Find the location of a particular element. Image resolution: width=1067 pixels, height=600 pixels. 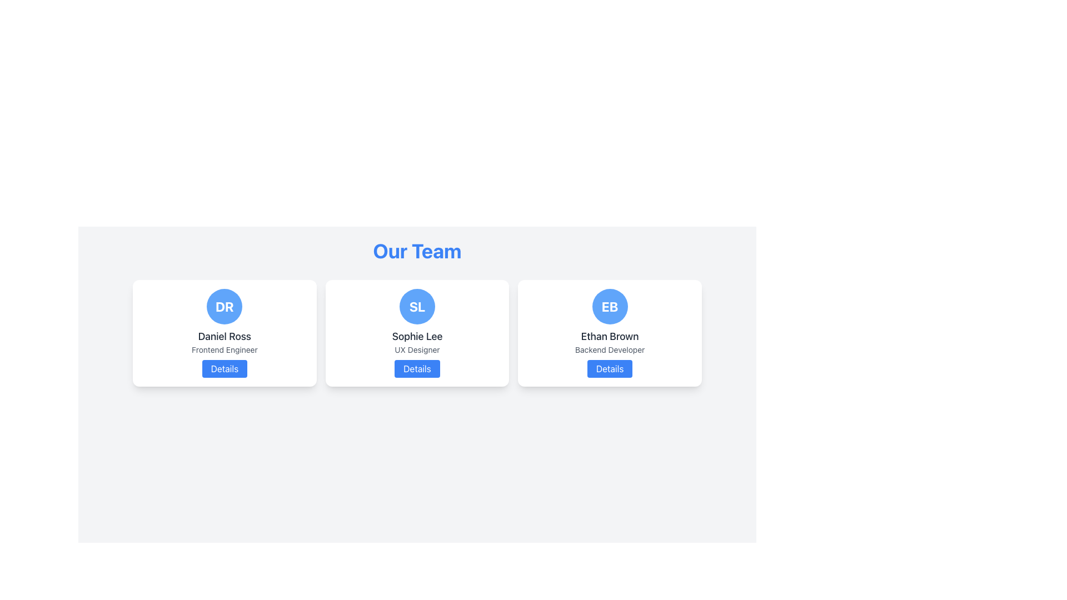

the button located in the card for 'Daniel Ross' beneath the role description 'Frontend Engineer' is located at coordinates (224, 368).